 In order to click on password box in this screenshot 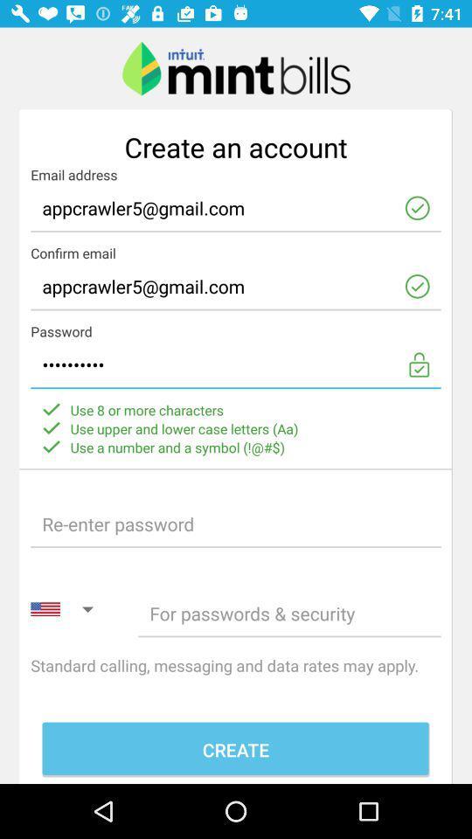, I will do `click(289, 613)`.